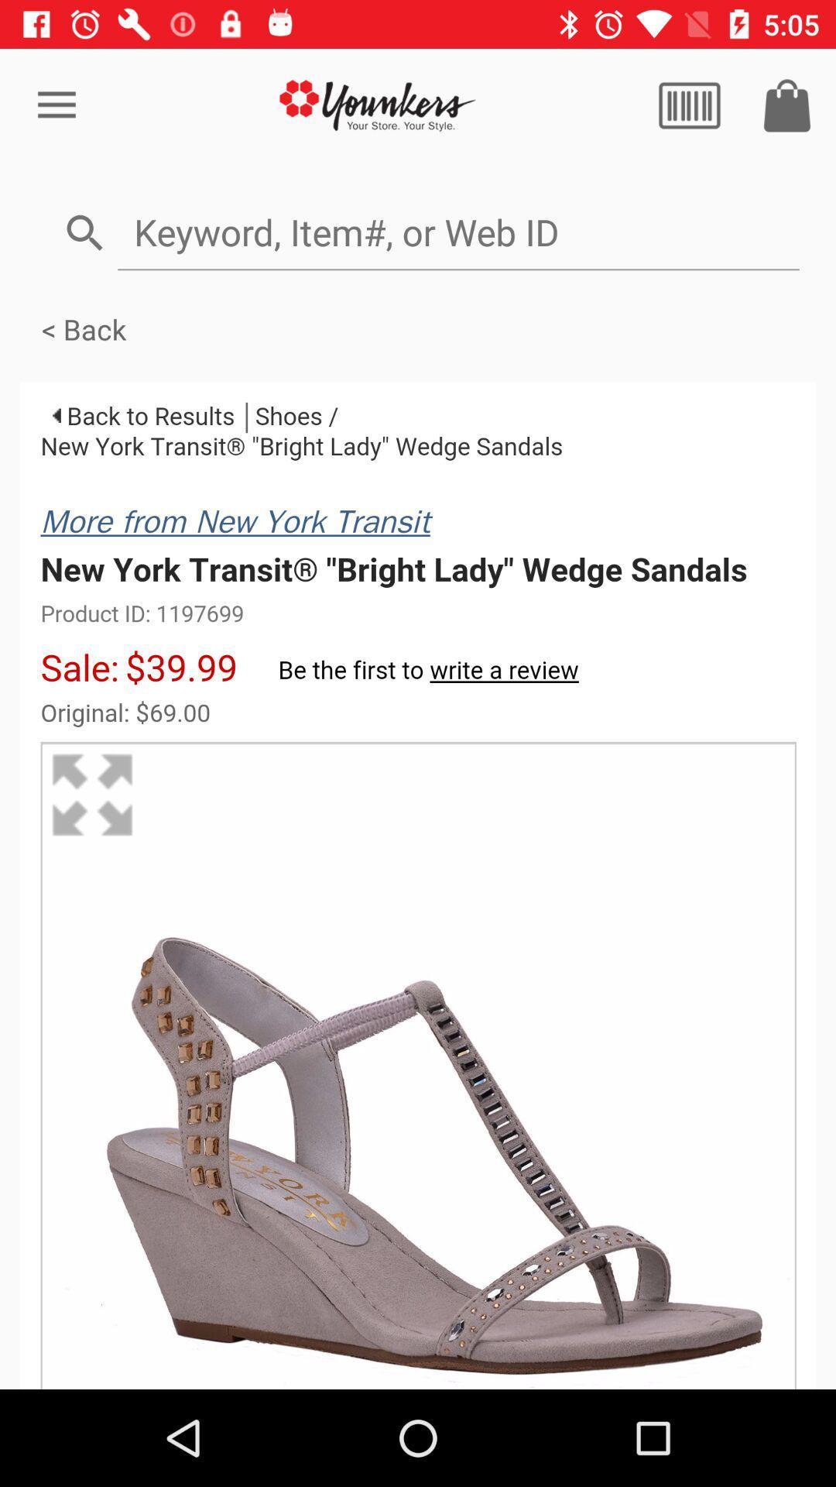 The height and width of the screenshot is (1487, 836). Describe the element at coordinates (377, 105) in the screenshot. I see `advertisement page` at that location.